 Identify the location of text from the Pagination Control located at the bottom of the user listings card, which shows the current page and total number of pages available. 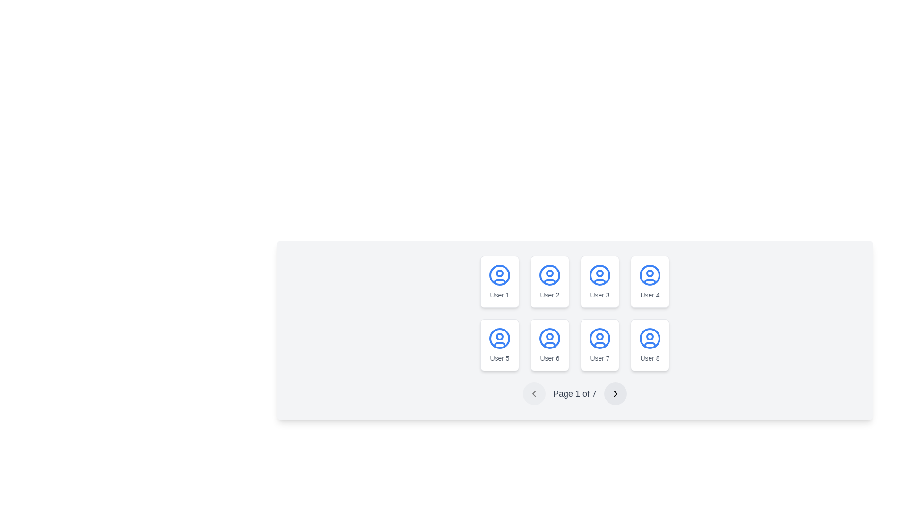
(574, 393).